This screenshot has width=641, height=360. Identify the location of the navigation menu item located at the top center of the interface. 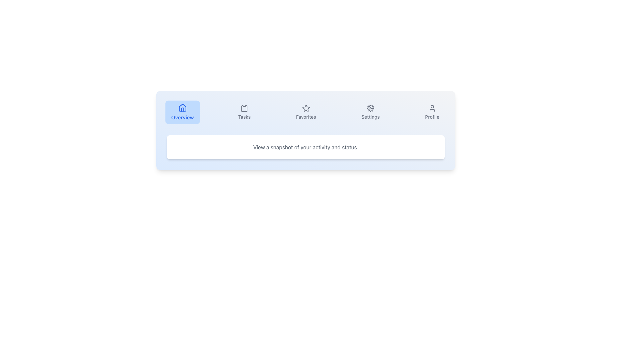
(305, 114).